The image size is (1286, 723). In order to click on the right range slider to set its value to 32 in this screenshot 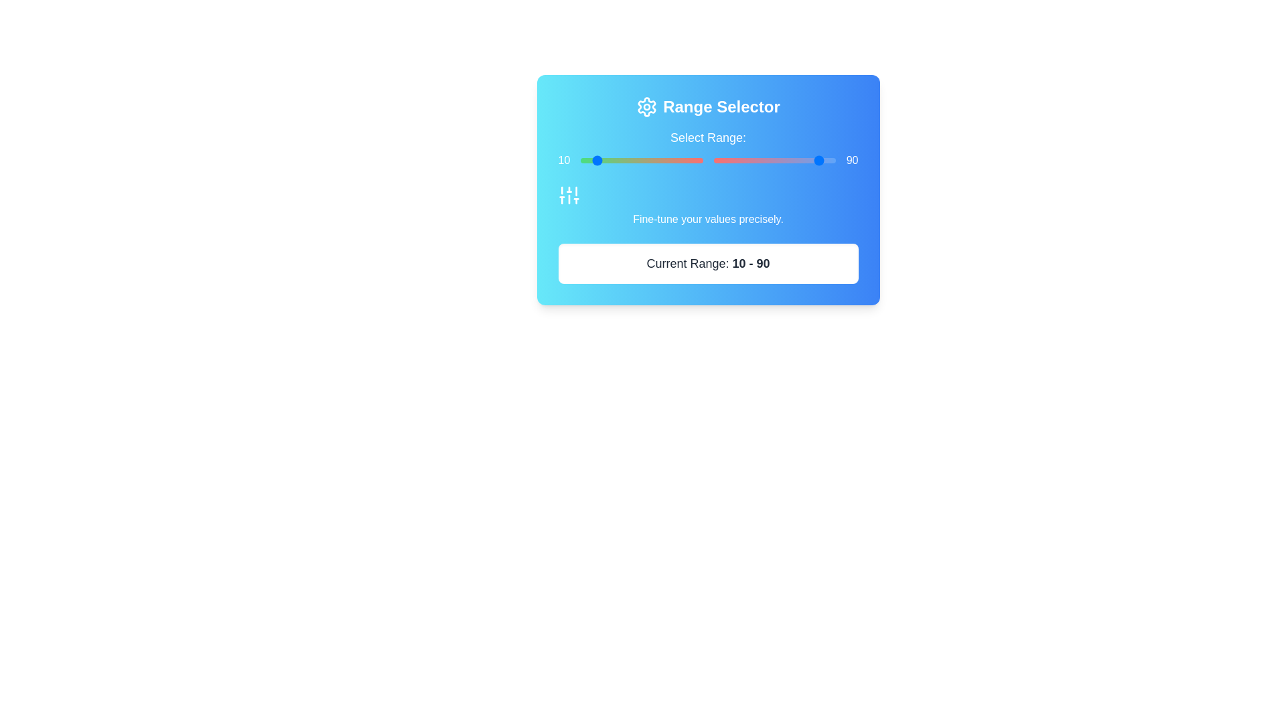, I will do `click(752, 159)`.